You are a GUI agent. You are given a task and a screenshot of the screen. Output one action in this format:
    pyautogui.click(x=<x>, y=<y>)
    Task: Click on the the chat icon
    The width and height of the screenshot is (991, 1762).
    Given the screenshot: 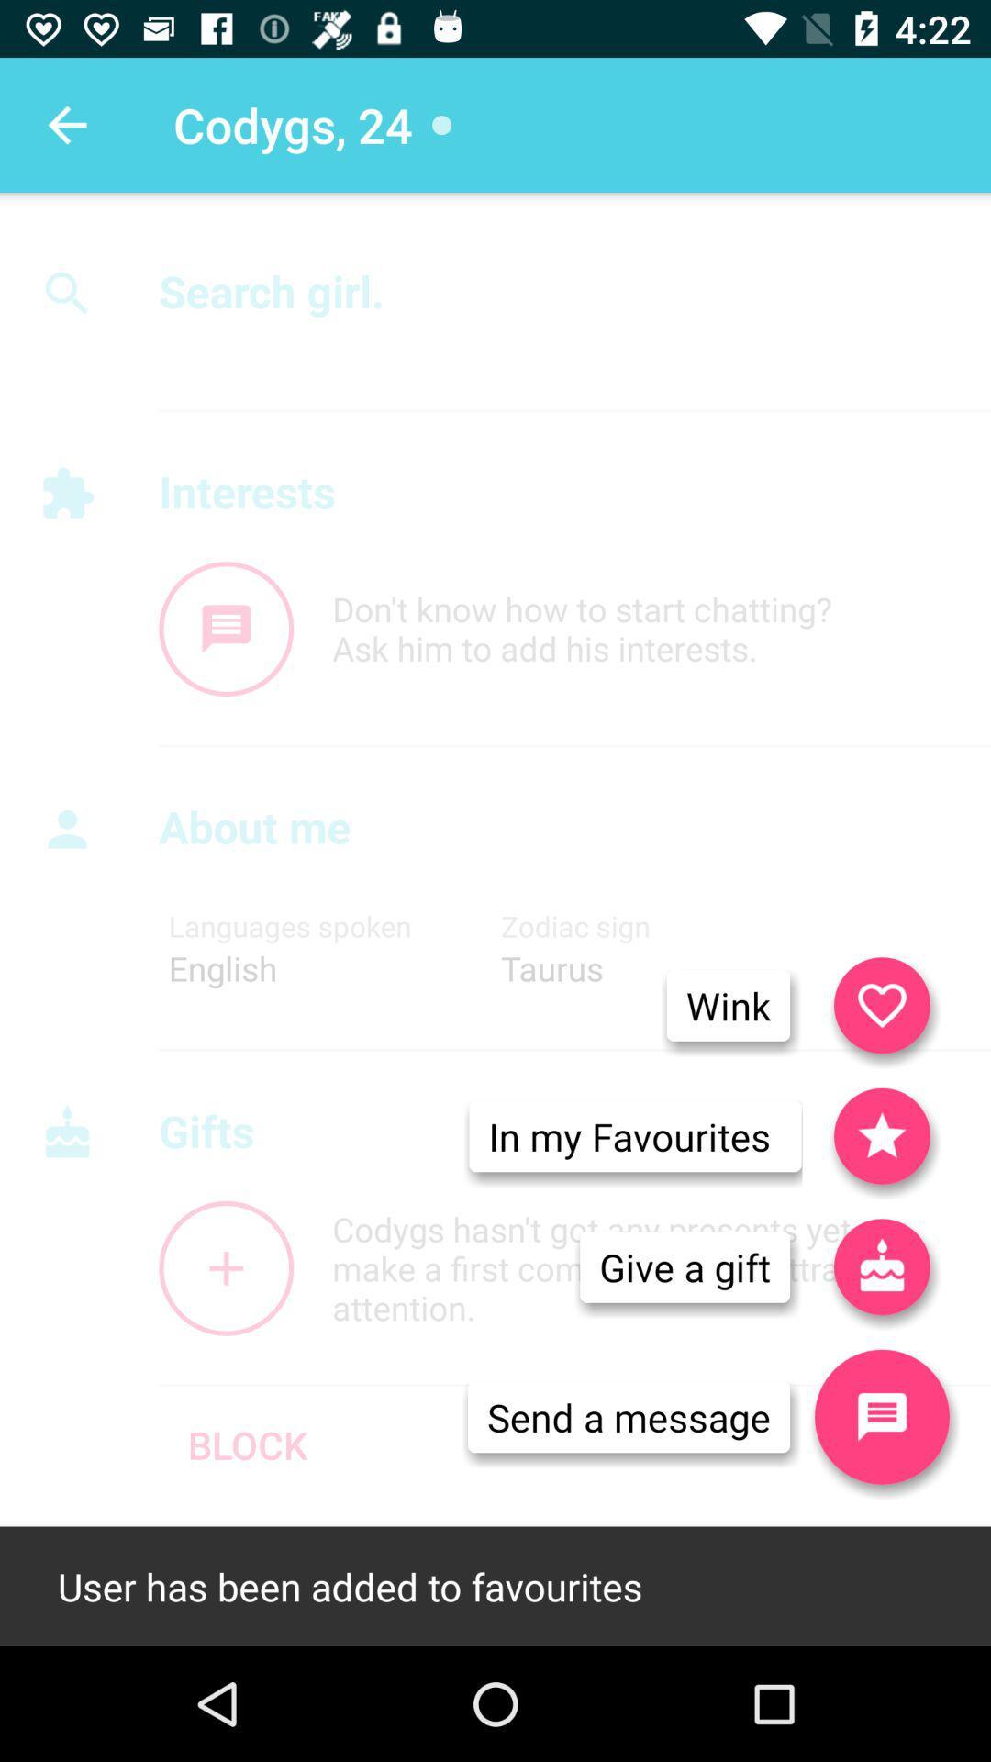 What is the action you would take?
    pyautogui.click(x=881, y=1416)
    